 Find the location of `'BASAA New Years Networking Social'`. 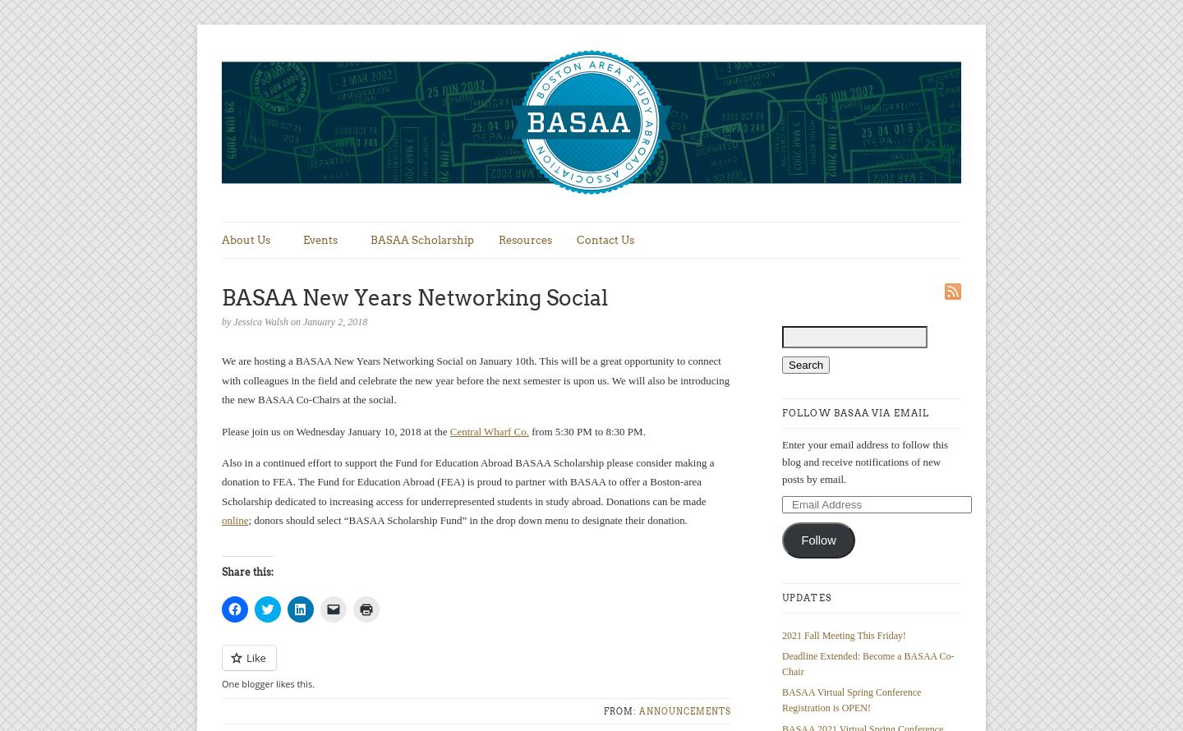

'BASAA New Years Networking Social' is located at coordinates (414, 297).